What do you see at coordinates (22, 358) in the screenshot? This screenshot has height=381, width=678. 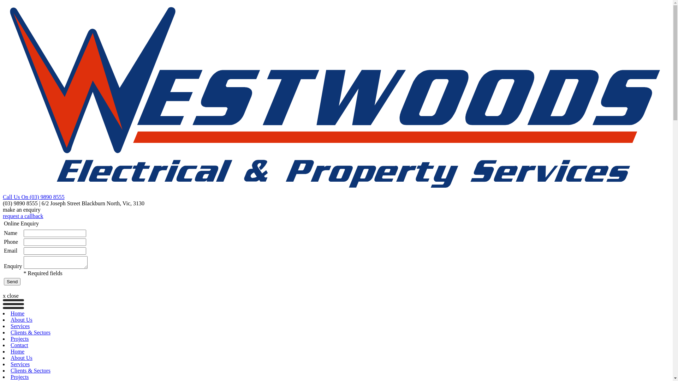 I see `'About Us'` at bounding box center [22, 358].